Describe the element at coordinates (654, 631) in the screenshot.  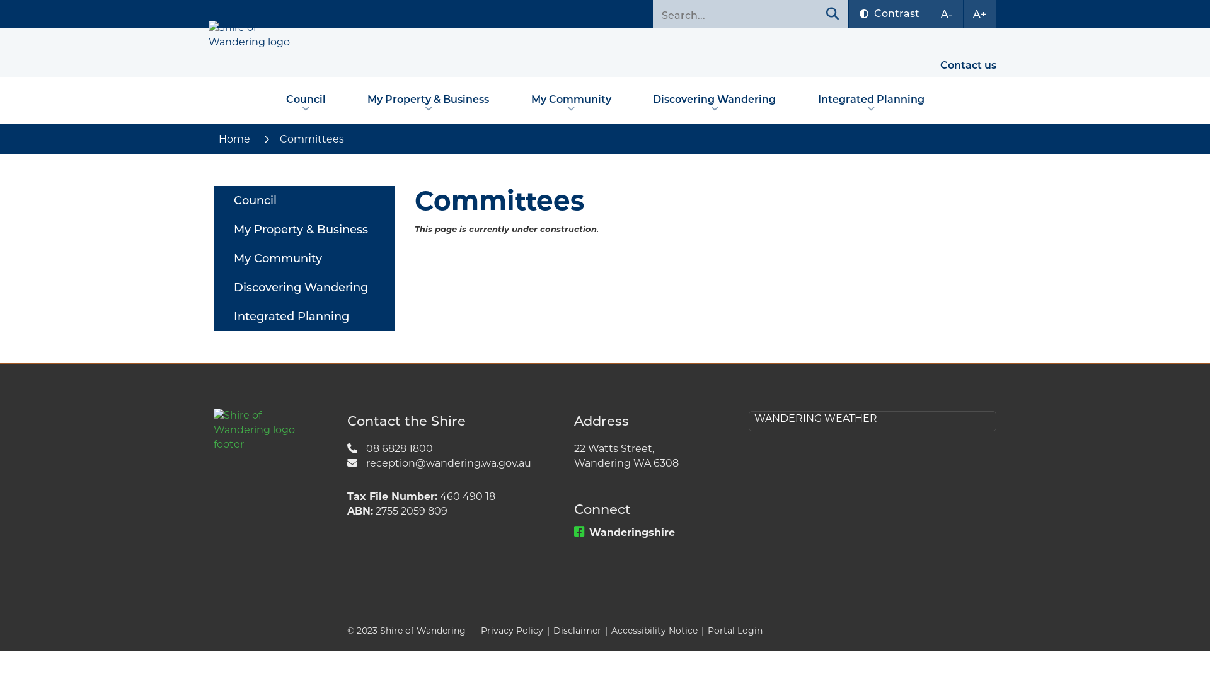
I see `'Accessibility Notice'` at that location.